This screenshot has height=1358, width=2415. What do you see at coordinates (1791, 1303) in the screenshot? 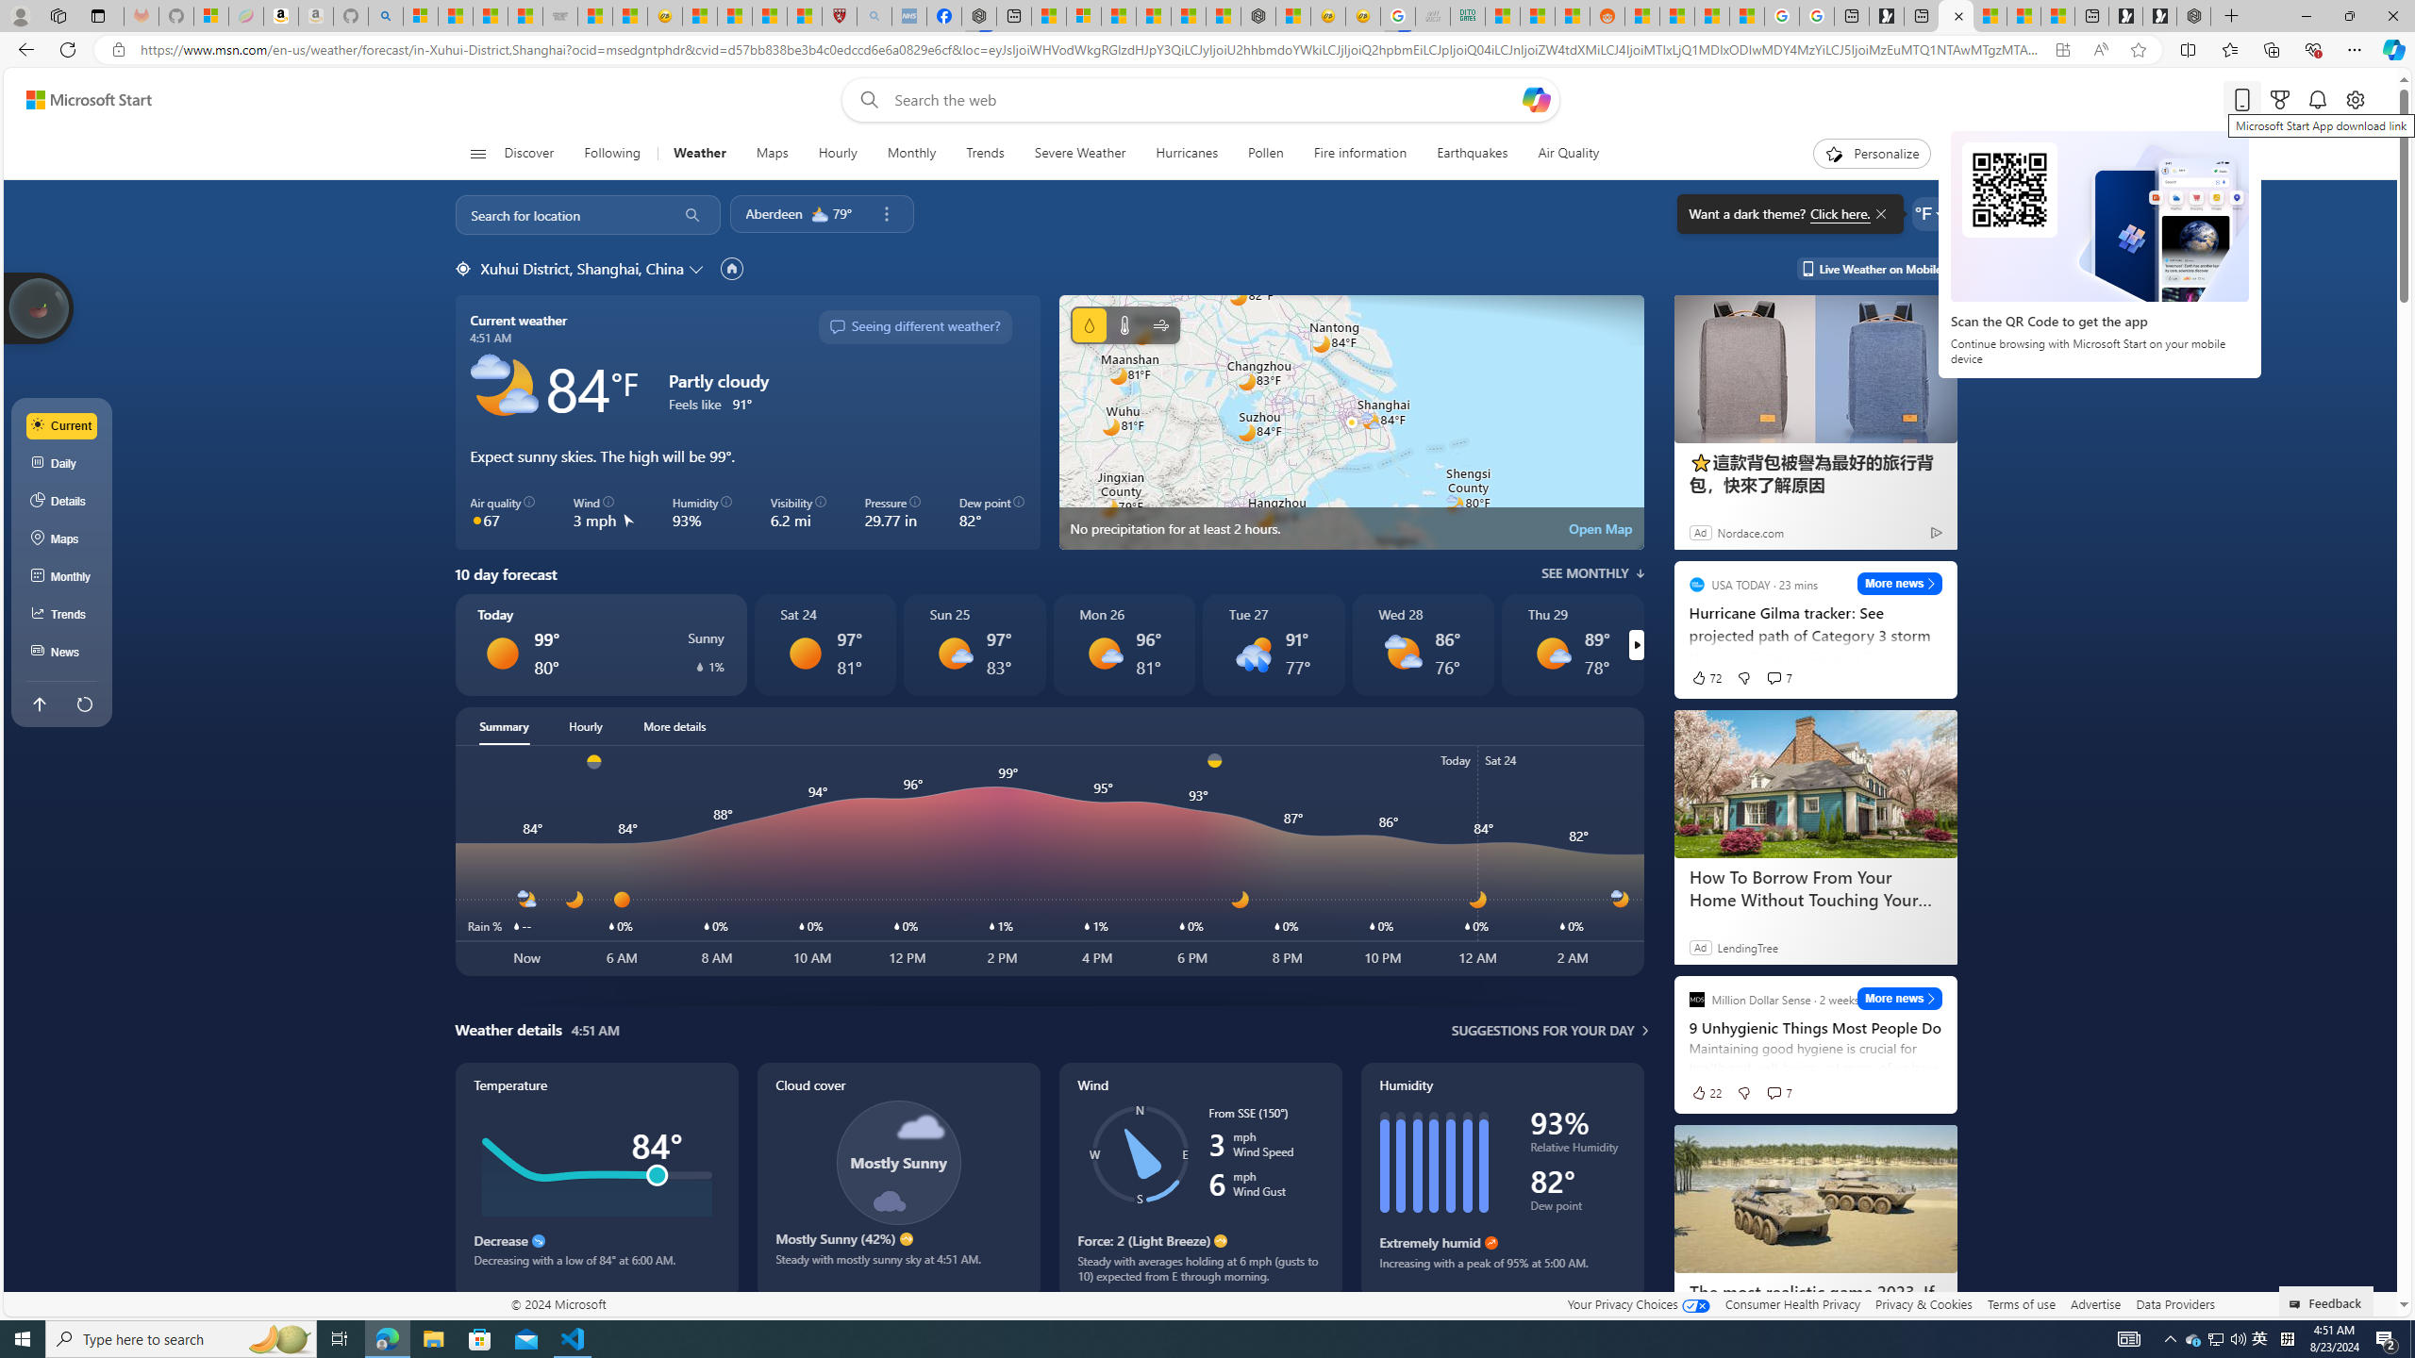
I see `'Consumer Health Privacy'` at bounding box center [1791, 1303].